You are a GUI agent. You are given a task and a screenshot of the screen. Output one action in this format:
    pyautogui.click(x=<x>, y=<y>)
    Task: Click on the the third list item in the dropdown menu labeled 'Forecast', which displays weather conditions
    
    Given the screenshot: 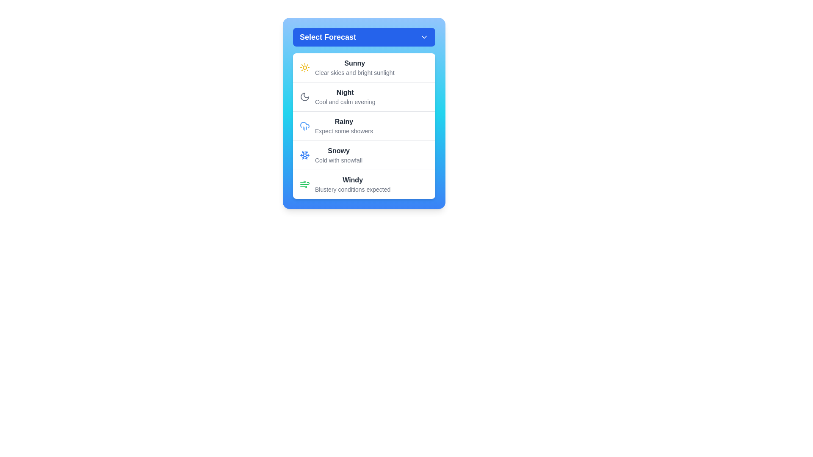 What is the action you would take?
    pyautogui.click(x=364, y=126)
    